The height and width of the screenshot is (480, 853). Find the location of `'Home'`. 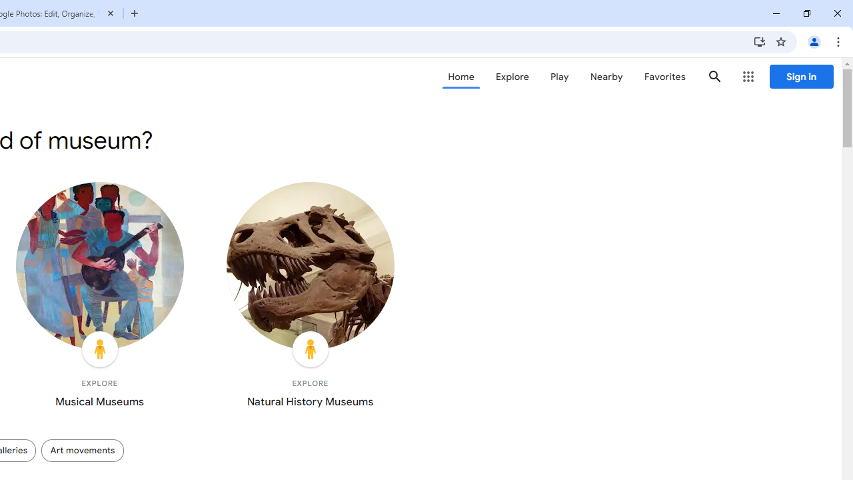

'Home' is located at coordinates (460, 77).